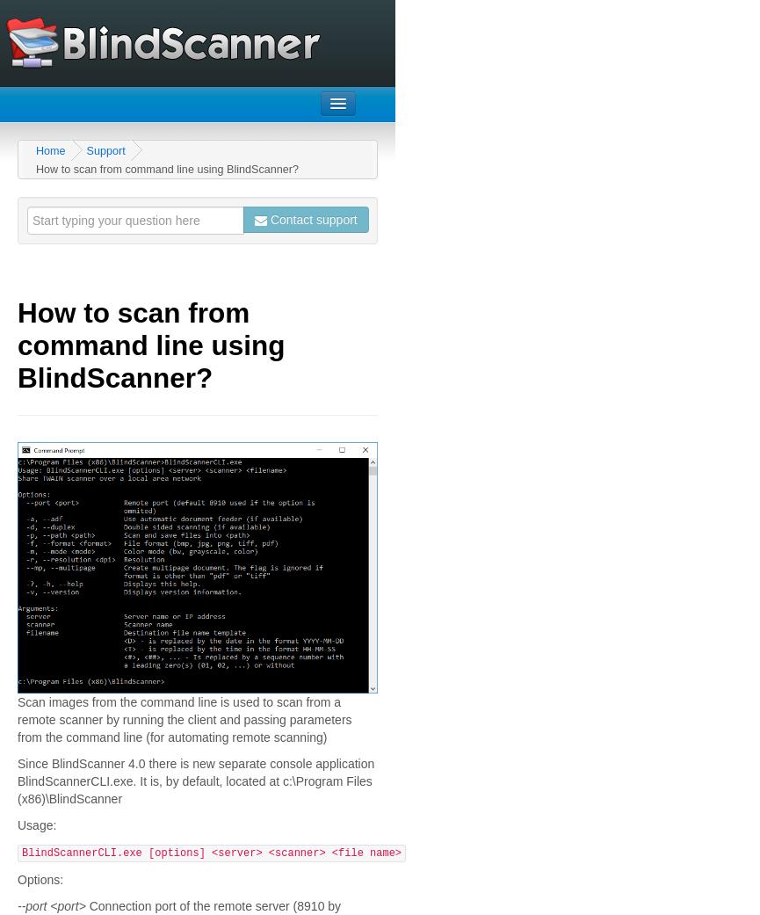 Image resolution: width=760 pixels, height=915 pixels. What do you see at coordinates (17, 719) in the screenshot?
I see `'Scan images from the command line is used to scan from a remote scanner by running the client and passing parameters from the command line (for automating remote scanning)'` at bounding box center [17, 719].